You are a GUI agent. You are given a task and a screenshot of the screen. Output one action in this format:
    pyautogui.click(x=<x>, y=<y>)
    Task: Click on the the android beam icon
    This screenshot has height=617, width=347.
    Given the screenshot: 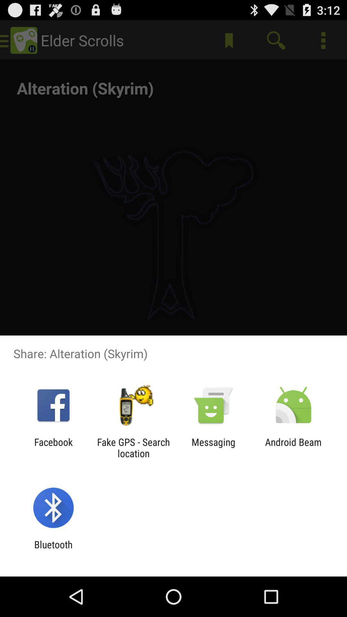 What is the action you would take?
    pyautogui.click(x=293, y=447)
    